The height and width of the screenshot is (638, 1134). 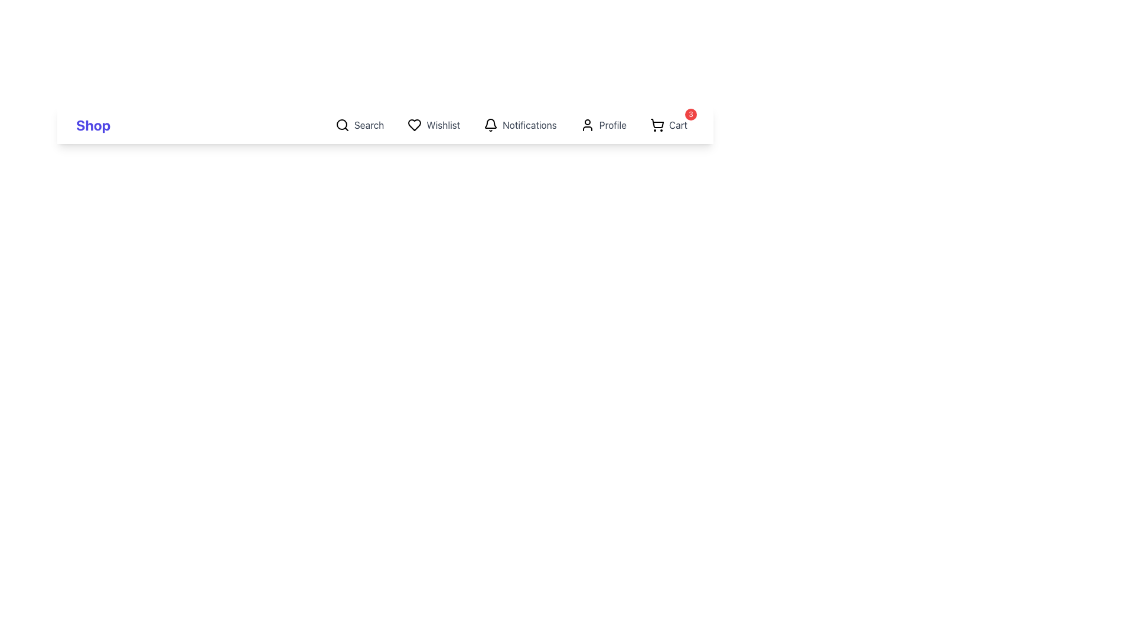 I want to click on the 'Wishlist' text label in the navigation bar, which is located to the right of the heart icon and highlights on hover, so click(x=442, y=125).